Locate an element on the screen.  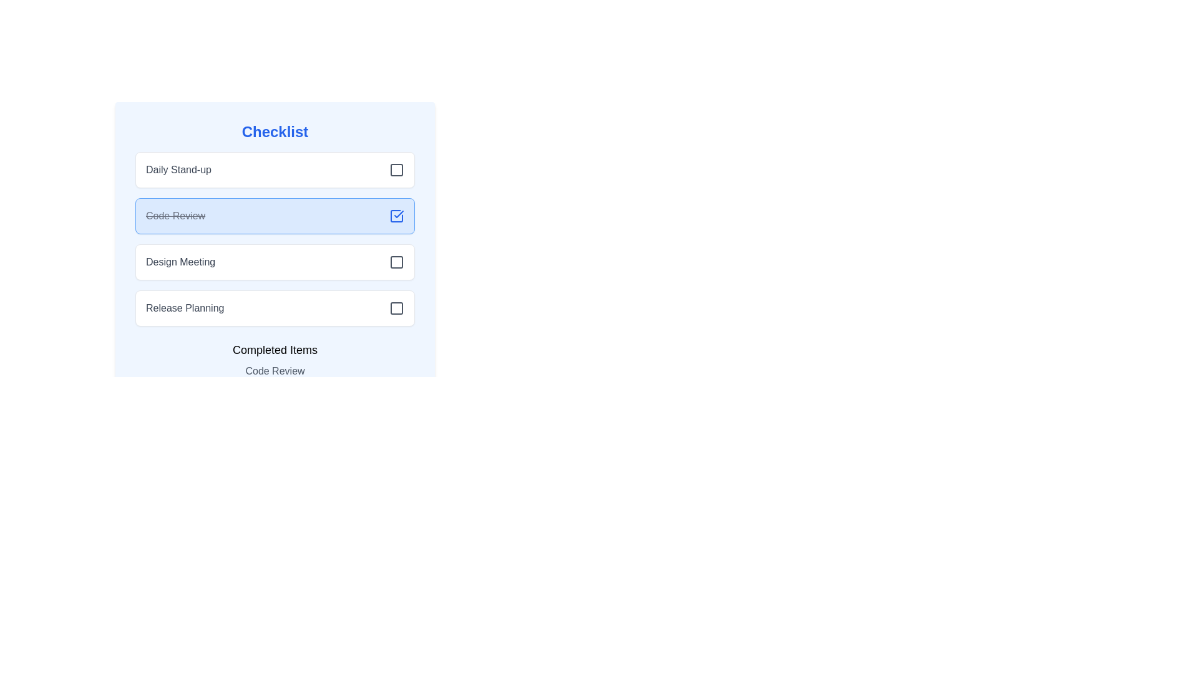
text from the informational label located above the 'Code Review' label in the checklist section, which serves as a heading for completed tasks is located at coordinates (275, 350).